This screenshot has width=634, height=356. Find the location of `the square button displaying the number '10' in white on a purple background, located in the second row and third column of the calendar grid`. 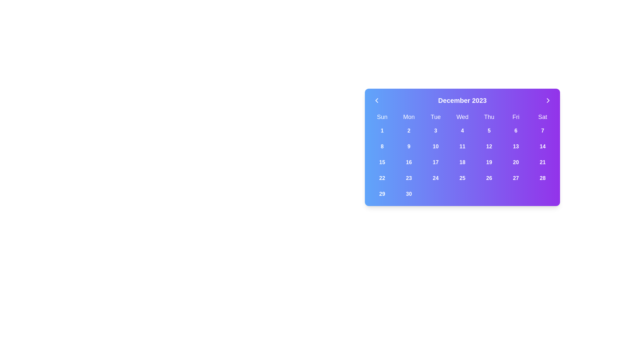

the square button displaying the number '10' in white on a purple background, located in the second row and third column of the calendar grid is located at coordinates (436, 146).